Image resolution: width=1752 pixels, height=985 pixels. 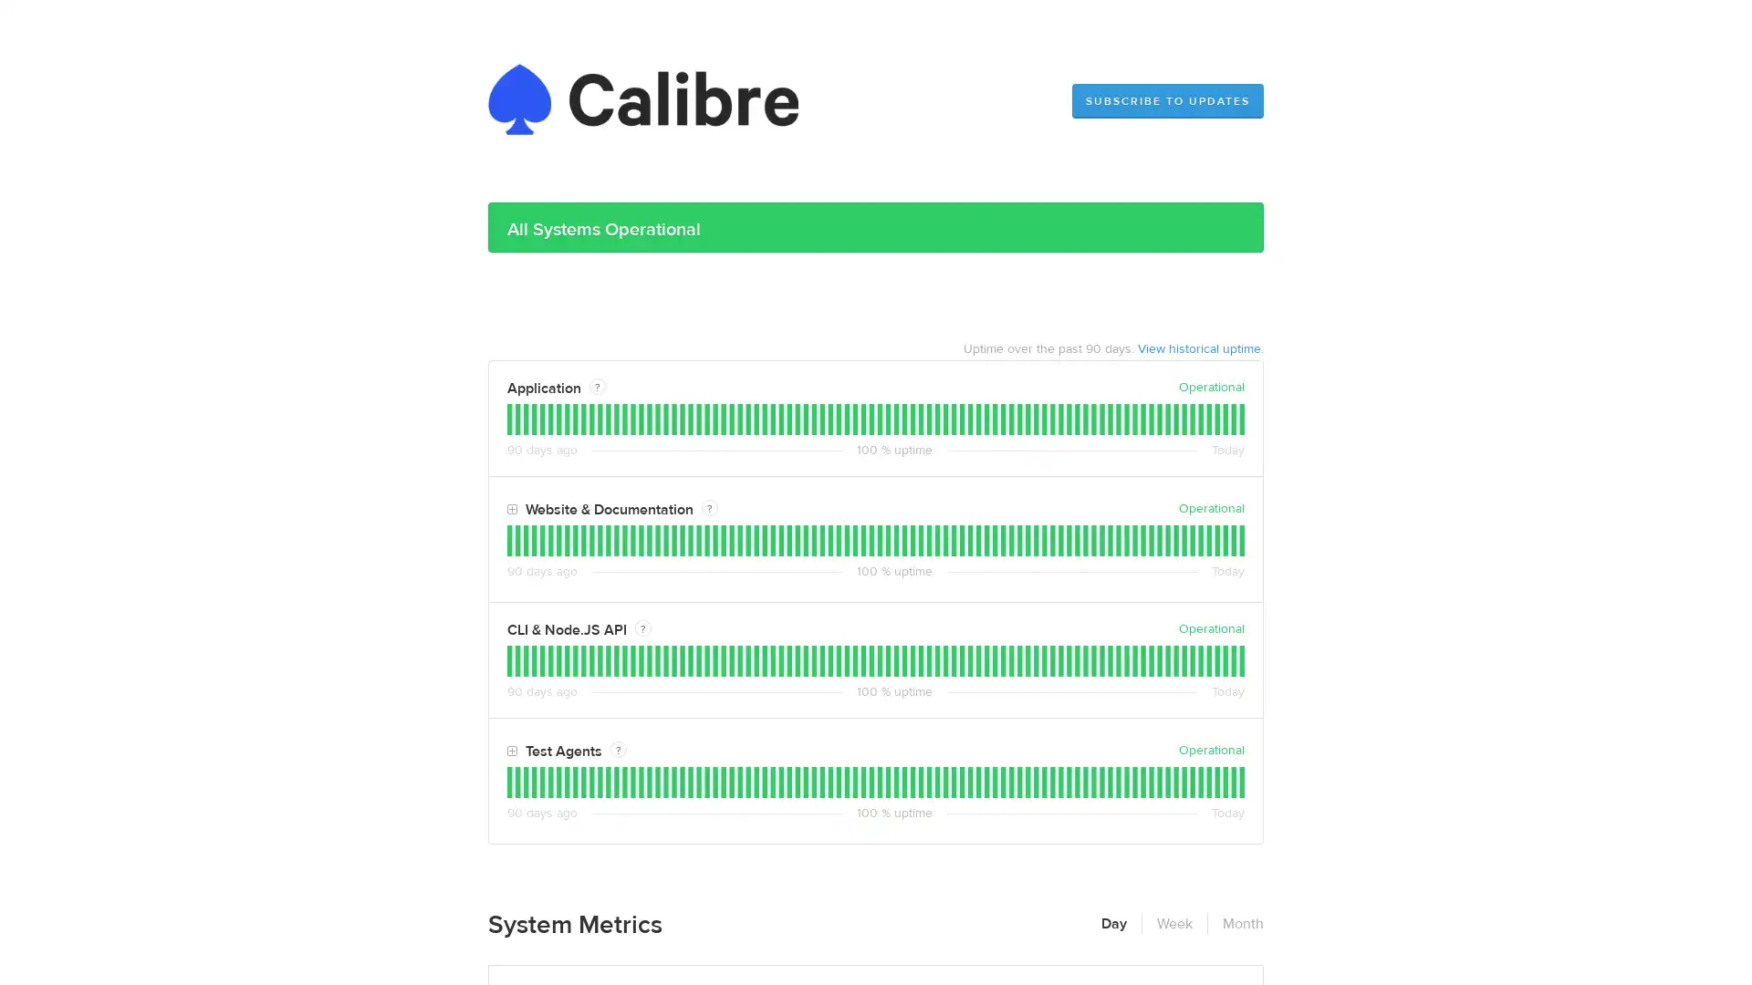 What do you see at coordinates (511, 752) in the screenshot?
I see `Toggle Test Agents` at bounding box center [511, 752].